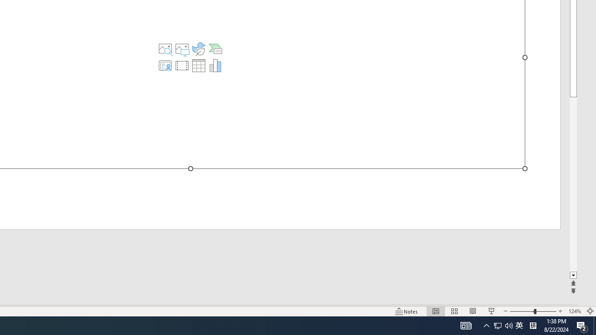 This screenshot has width=596, height=335. Describe the element at coordinates (574, 311) in the screenshot. I see `'Zoom 124%'` at that location.